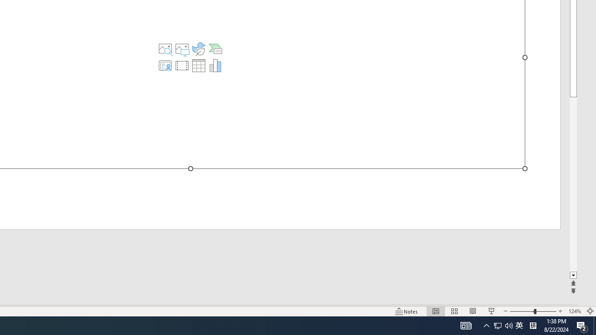 This screenshot has width=596, height=335. Describe the element at coordinates (574, 311) in the screenshot. I see `'Zoom 124%'` at that location.